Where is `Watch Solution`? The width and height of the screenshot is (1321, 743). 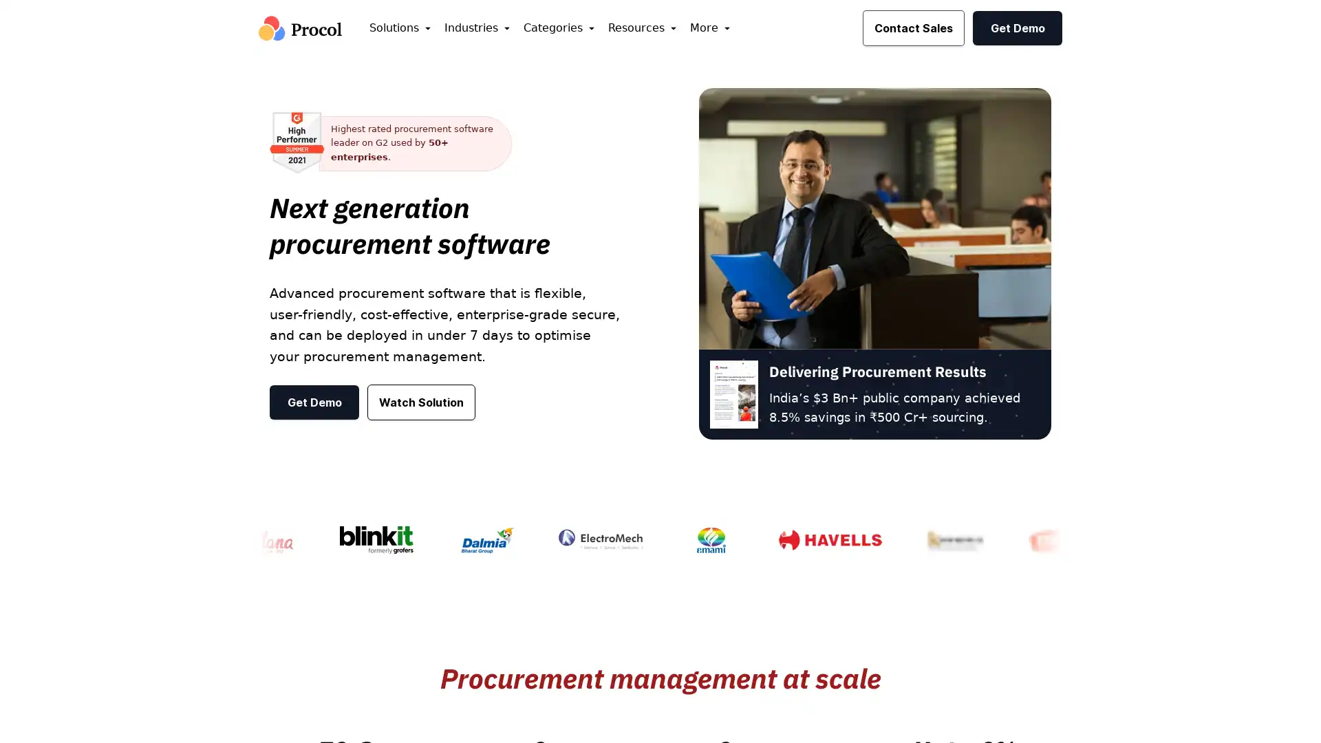
Watch Solution is located at coordinates (420, 401).